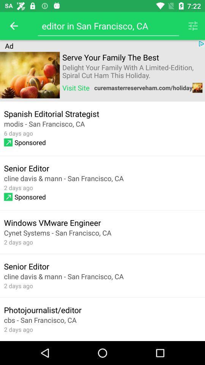 Image resolution: width=205 pixels, height=365 pixels. I want to click on the item next to editor in san icon, so click(193, 26).